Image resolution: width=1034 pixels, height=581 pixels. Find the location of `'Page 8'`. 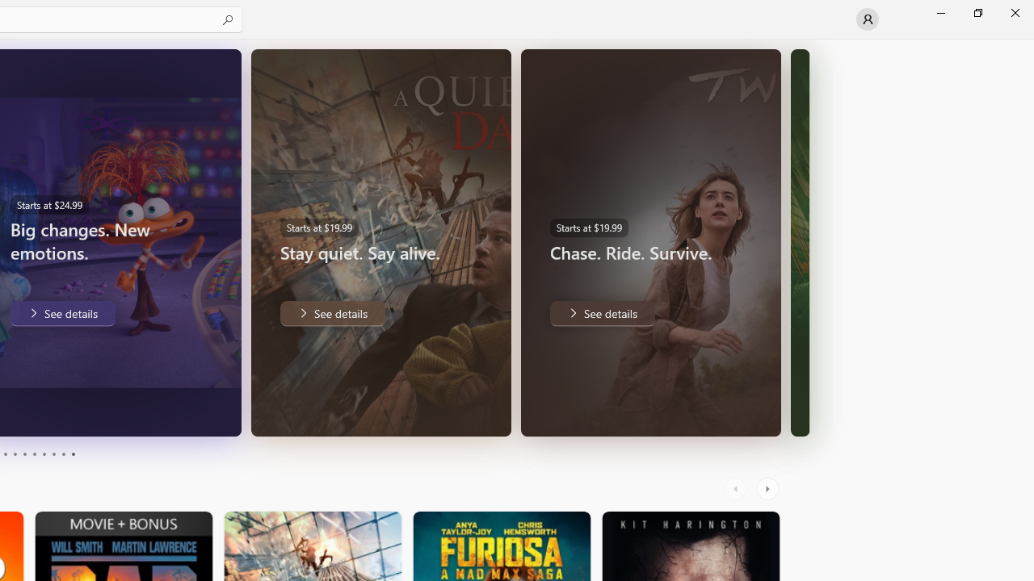

'Page 8' is located at coordinates (53, 454).